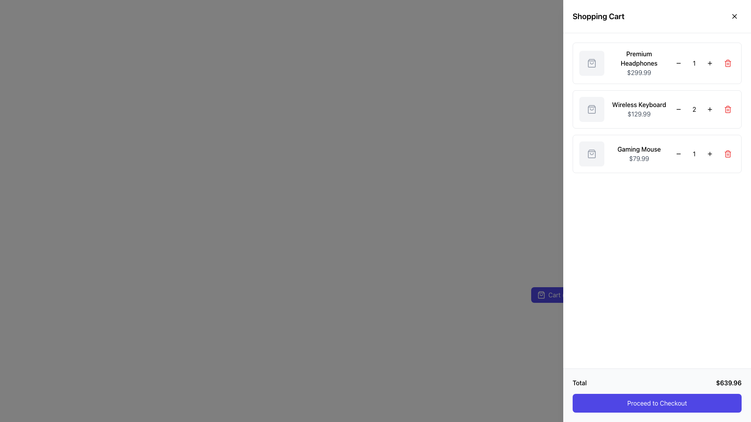 The width and height of the screenshot is (751, 422). I want to click on the circular button with a black 'X' icon located at the top-right of the shopping cart header, so click(734, 16).